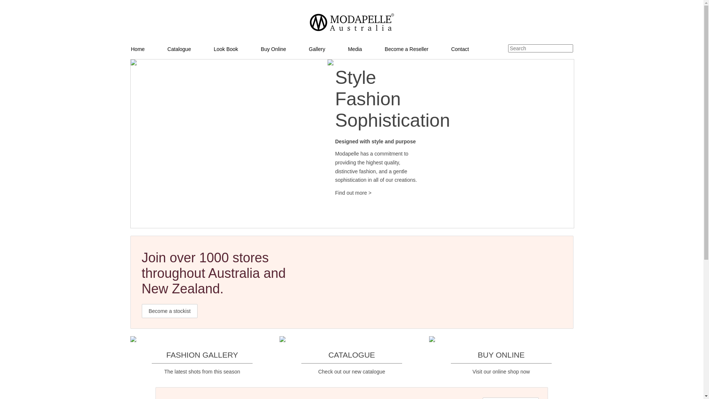 Image resolution: width=709 pixels, height=399 pixels. I want to click on 'Contact', so click(471, 49).